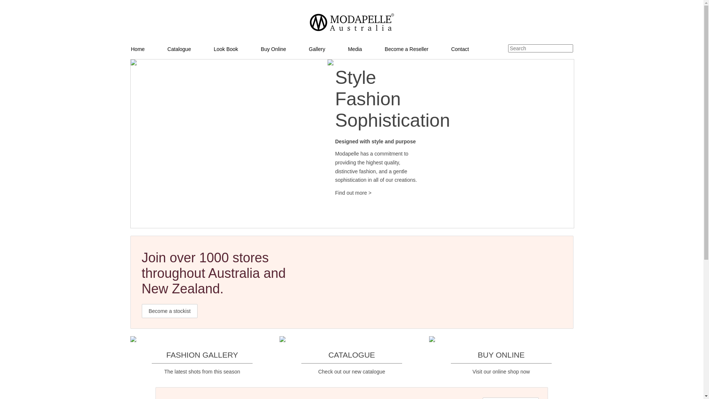 Image resolution: width=709 pixels, height=399 pixels. I want to click on 'Contact', so click(471, 49).